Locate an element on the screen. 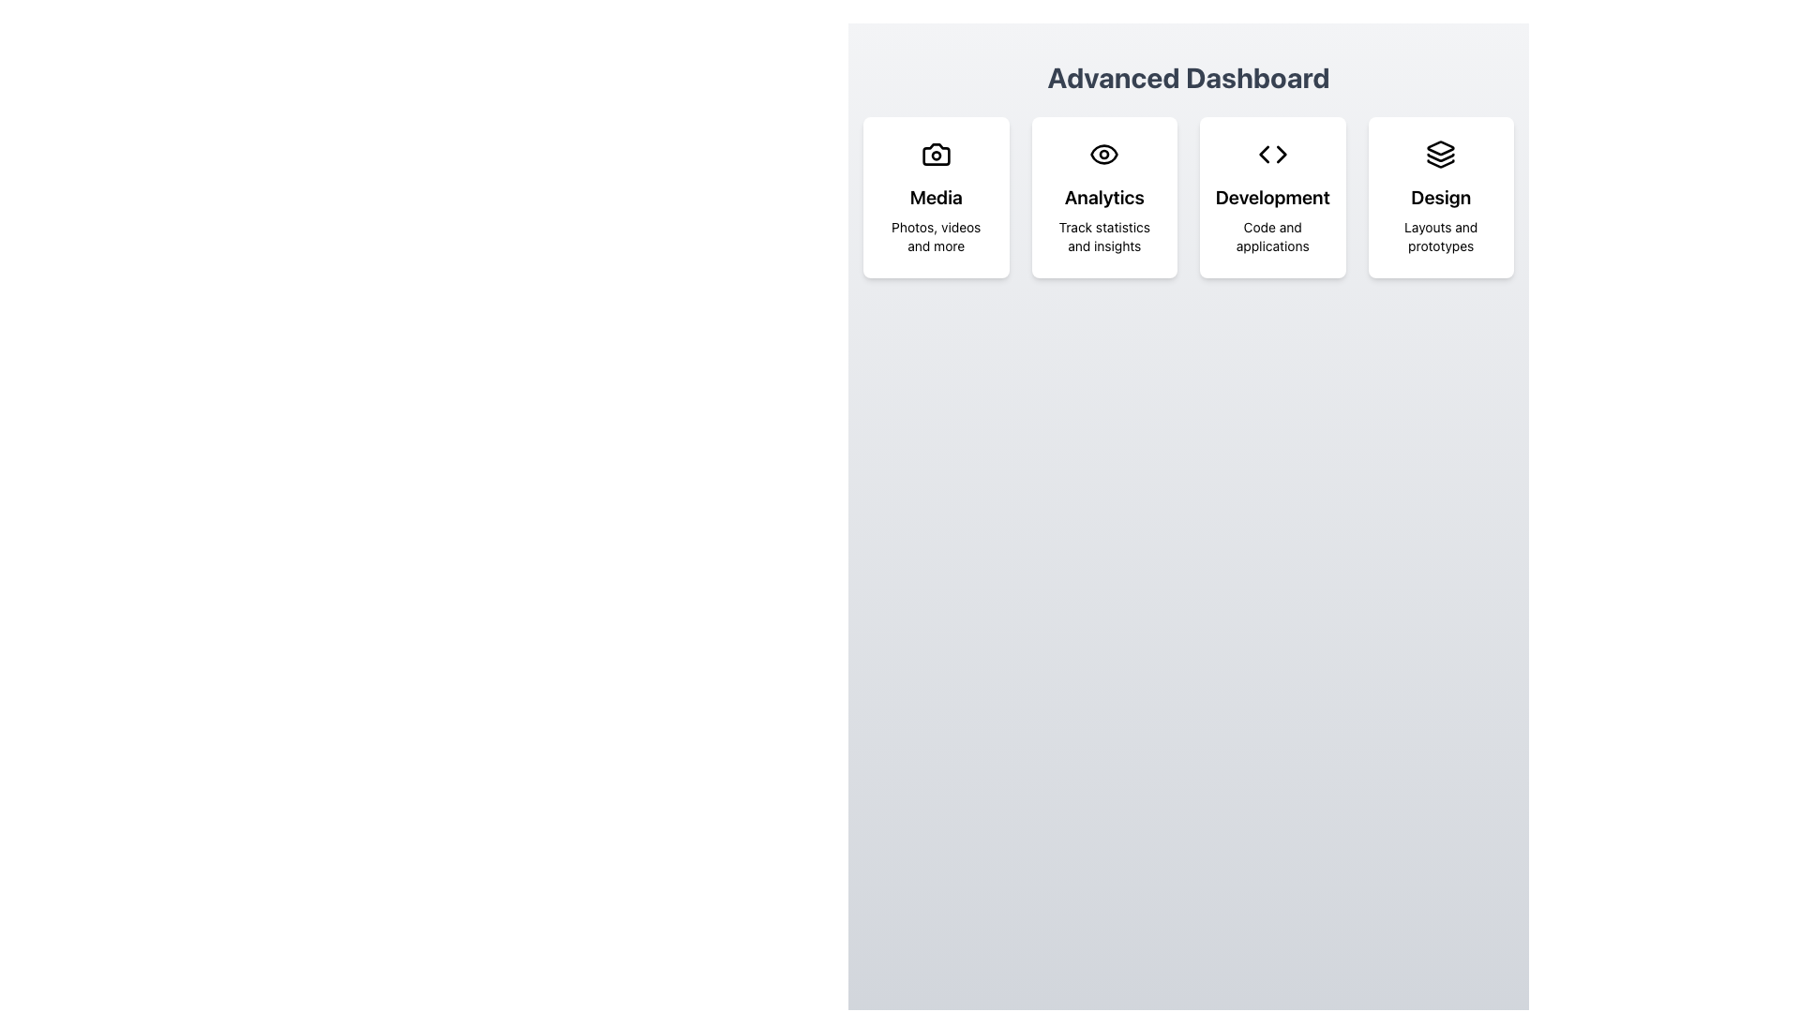  the 'Analytics' icon located at the upper part of the card labeled 'Analytics', which is the second card from the left in a row of four cards is located at coordinates (1104, 154).